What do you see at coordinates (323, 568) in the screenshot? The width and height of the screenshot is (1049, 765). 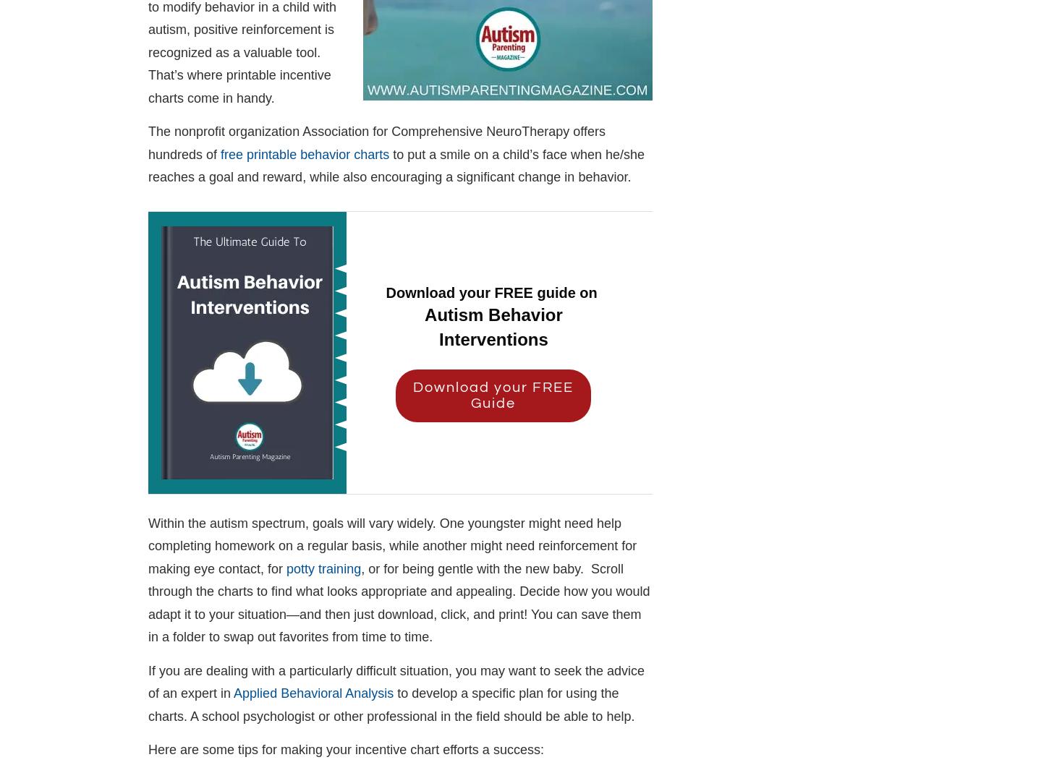 I see `'potty training'` at bounding box center [323, 568].